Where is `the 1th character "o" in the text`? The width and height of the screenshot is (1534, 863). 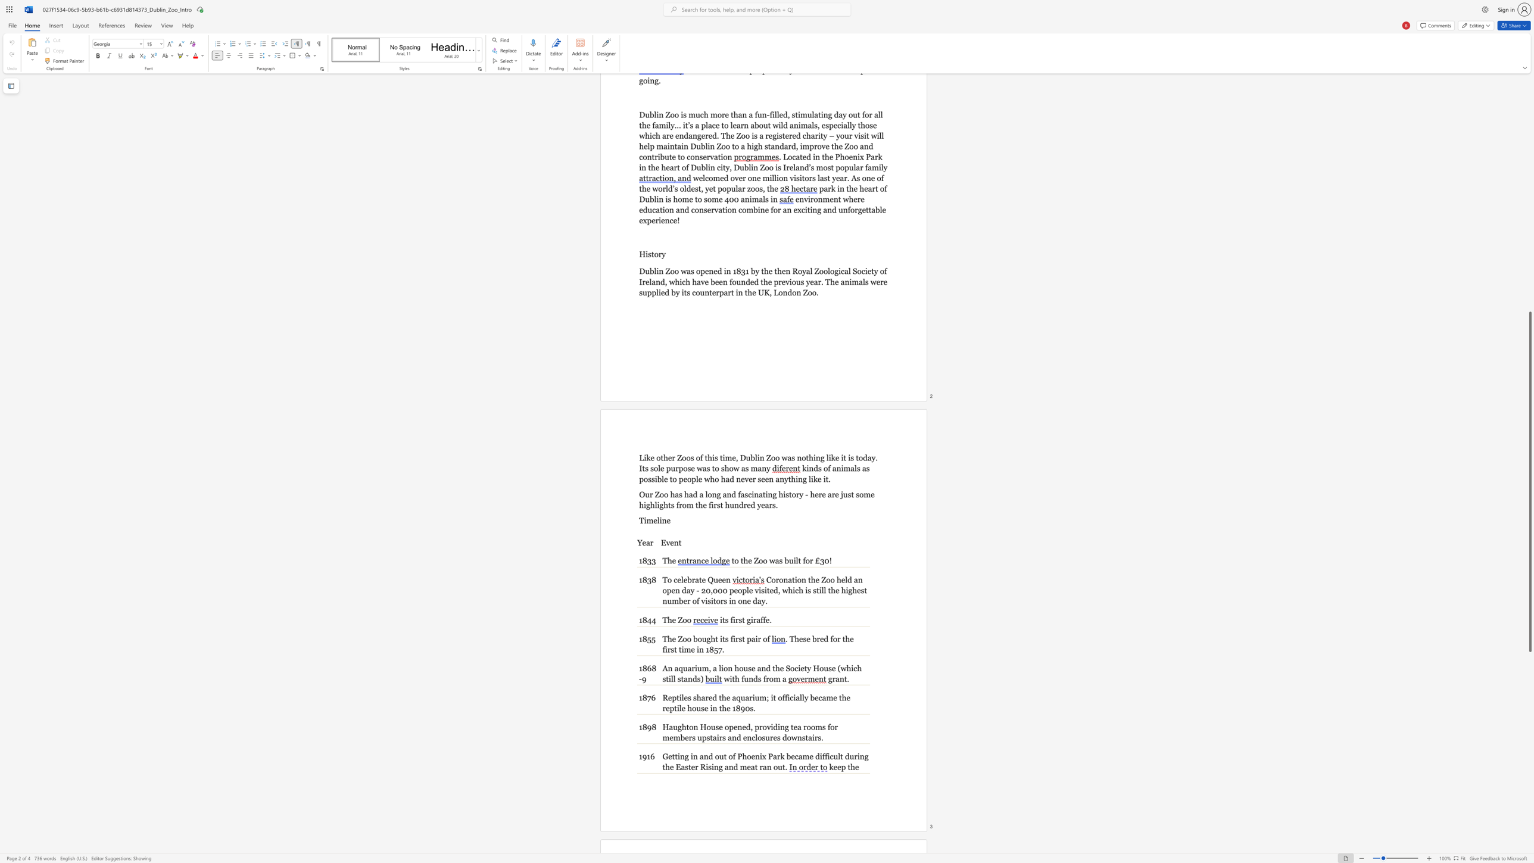
the 1th character "o" in the text is located at coordinates (684, 638).